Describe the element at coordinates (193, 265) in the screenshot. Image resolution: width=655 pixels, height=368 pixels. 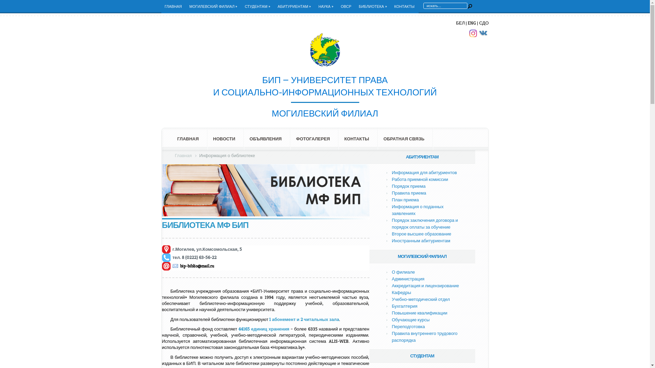
I see `'bip-biblio@mail.ru'` at that location.